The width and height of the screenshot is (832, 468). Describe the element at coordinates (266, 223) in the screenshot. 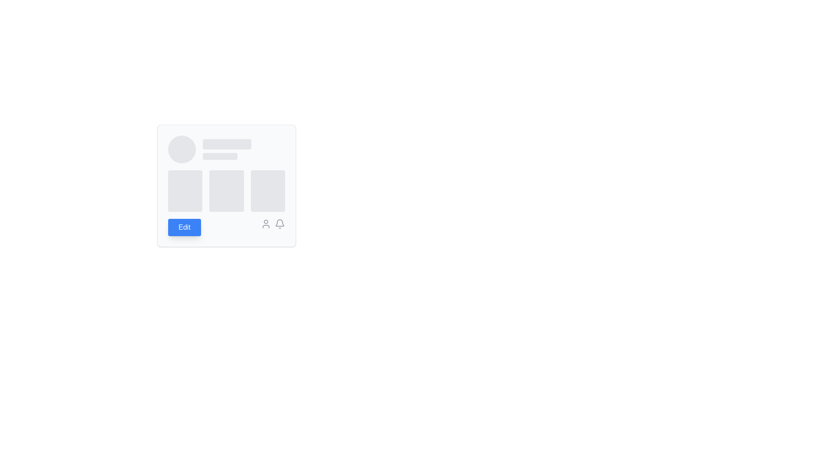

I see `the user icon located at the lower section of the card component, positioned to the left of the bell icon` at that location.